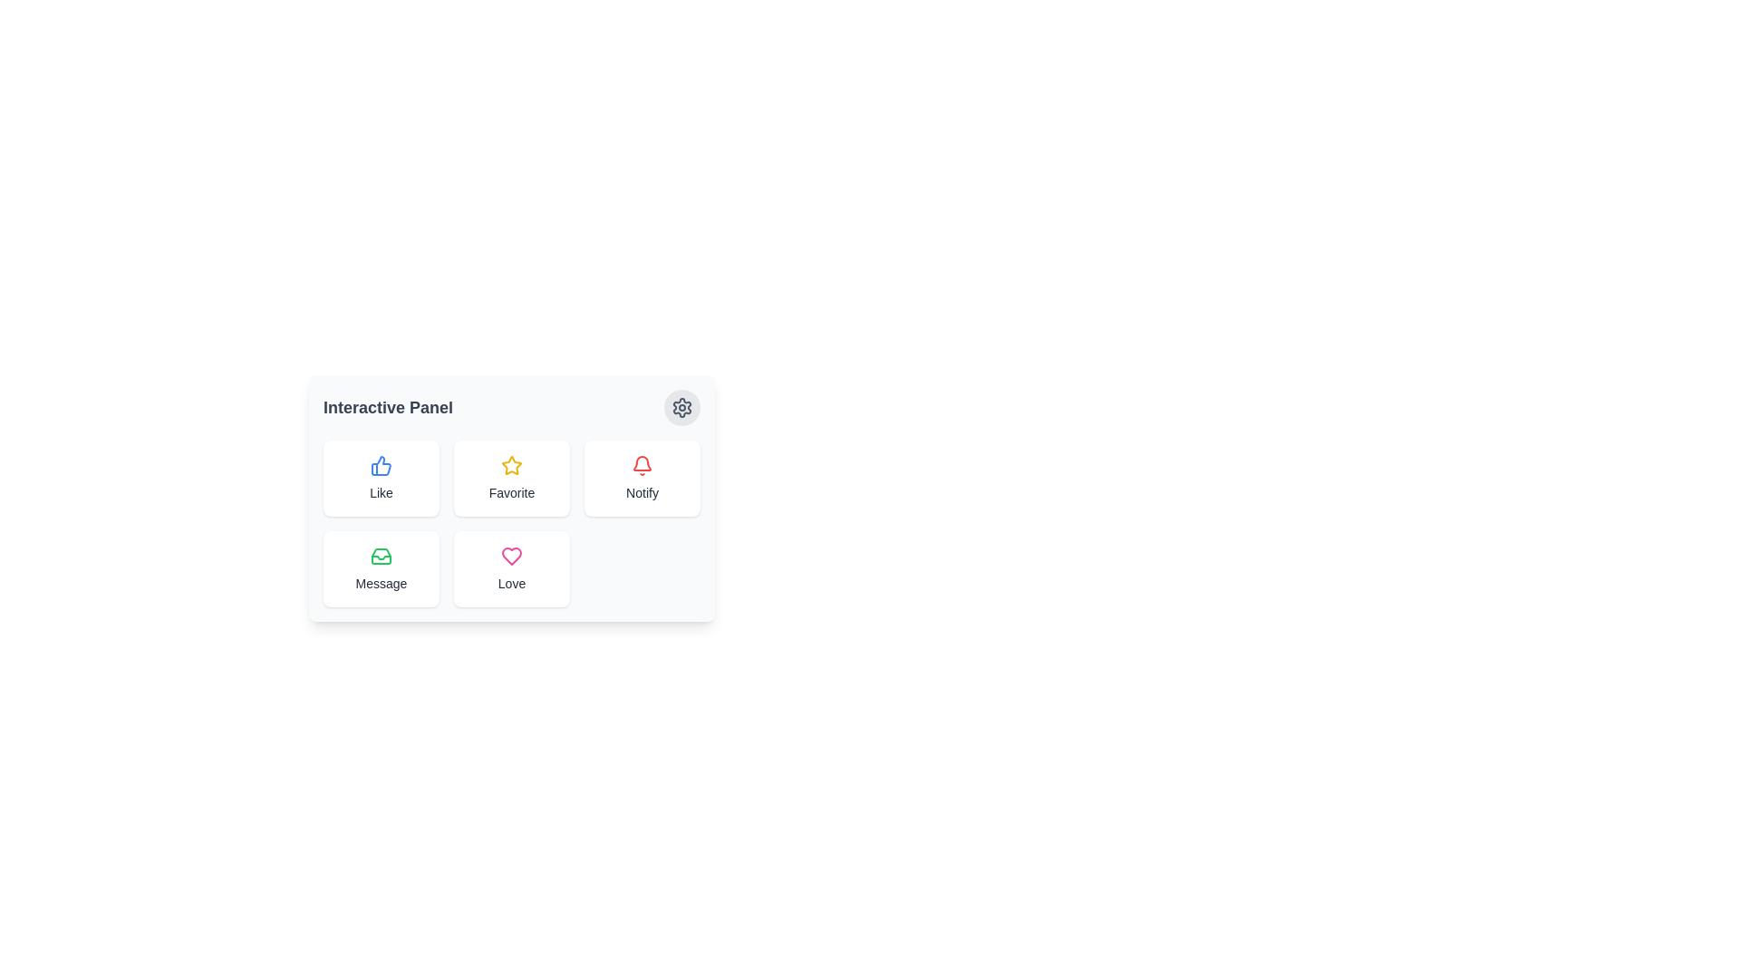  Describe the element at coordinates (511, 555) in the screenshot. I see `the heart icon located within the sixth button of the interactive panel` at that location.